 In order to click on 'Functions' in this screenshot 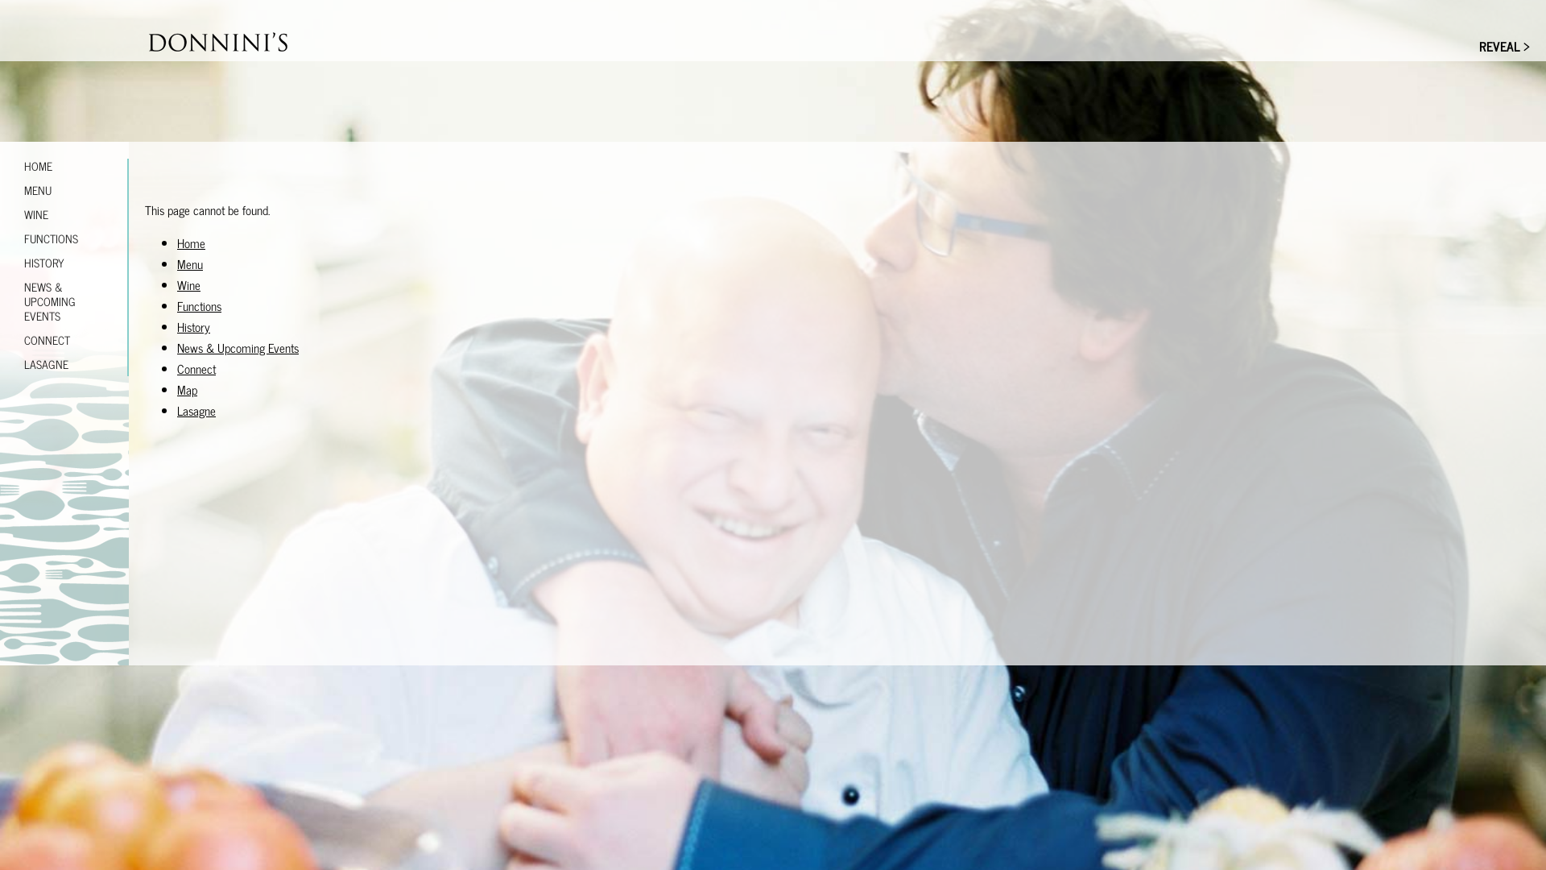, I will do `click(198, 305)`.